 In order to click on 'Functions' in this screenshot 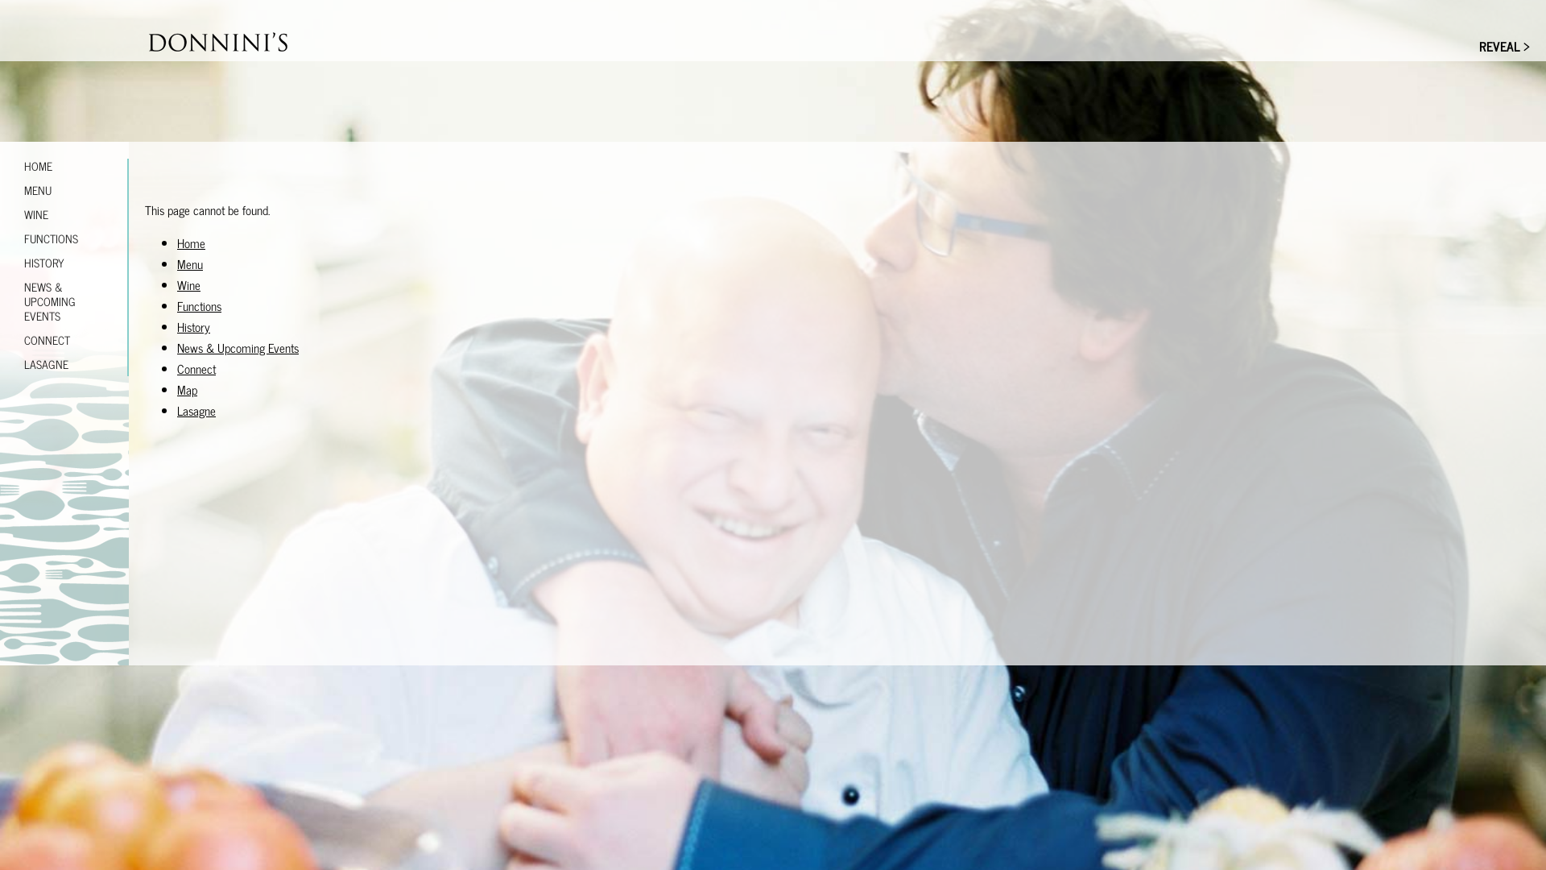, I will do `click(198, 305)`.